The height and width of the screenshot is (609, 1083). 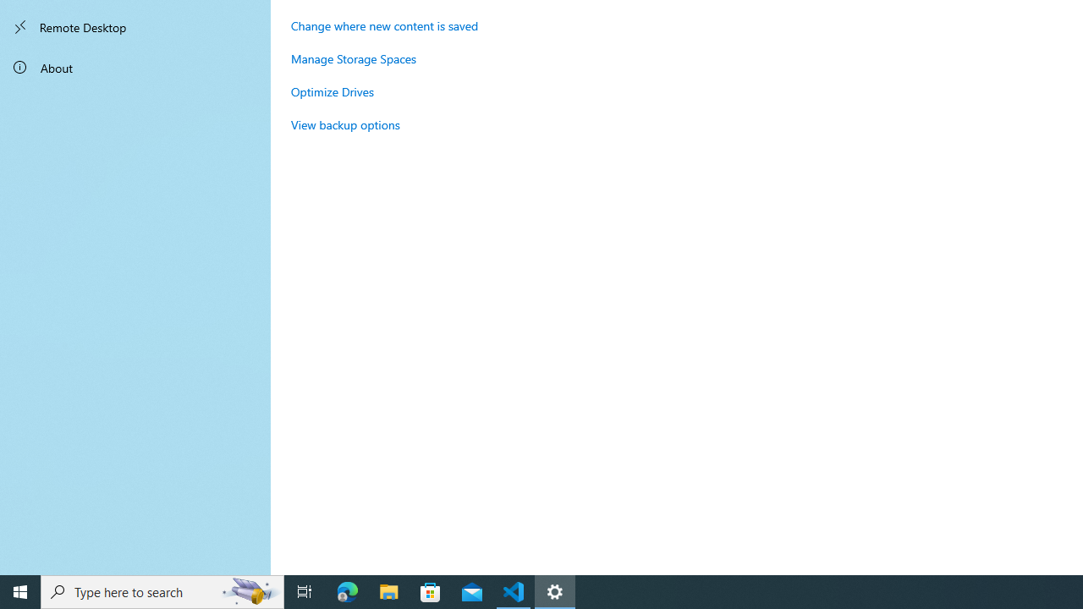 I want to click on 'Microsoft Store', so click(x=431, y=590).